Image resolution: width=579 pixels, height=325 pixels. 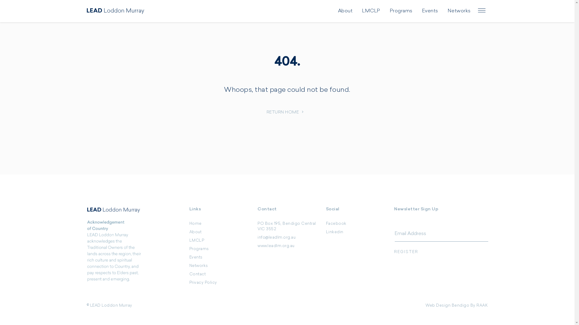 What do you see at coordinates (325, 232) in the screenshot?
I see `'Linkedin'` at bounding box center [325, 232].